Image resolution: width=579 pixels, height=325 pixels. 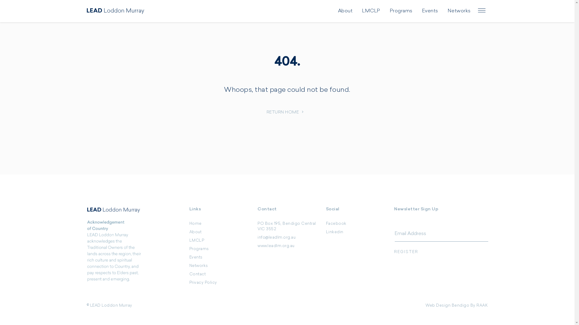 What do you see at coordinates (325, 232) in the screenshot?
I see `'Linkedin'` at bounding box center [325, 232].